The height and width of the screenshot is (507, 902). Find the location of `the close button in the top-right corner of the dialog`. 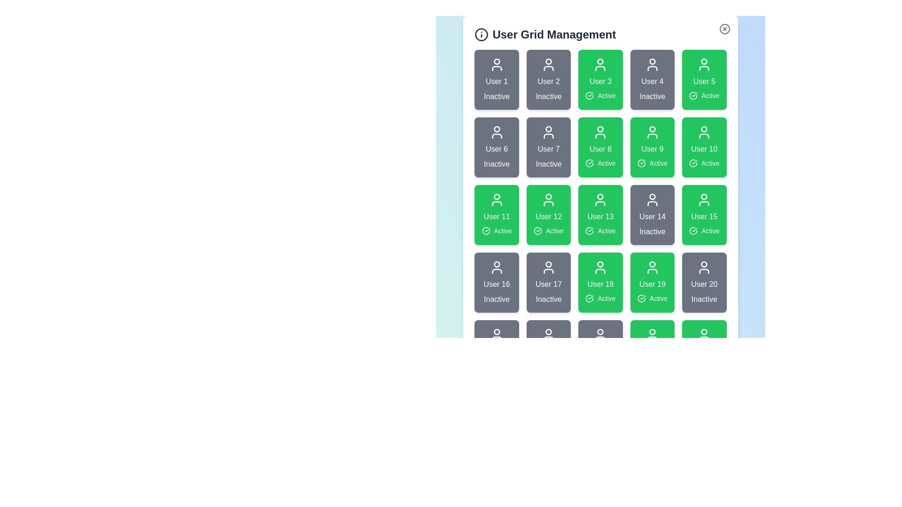

the close button in the top-right corner of the dialog is located at coordinates (724, 28).